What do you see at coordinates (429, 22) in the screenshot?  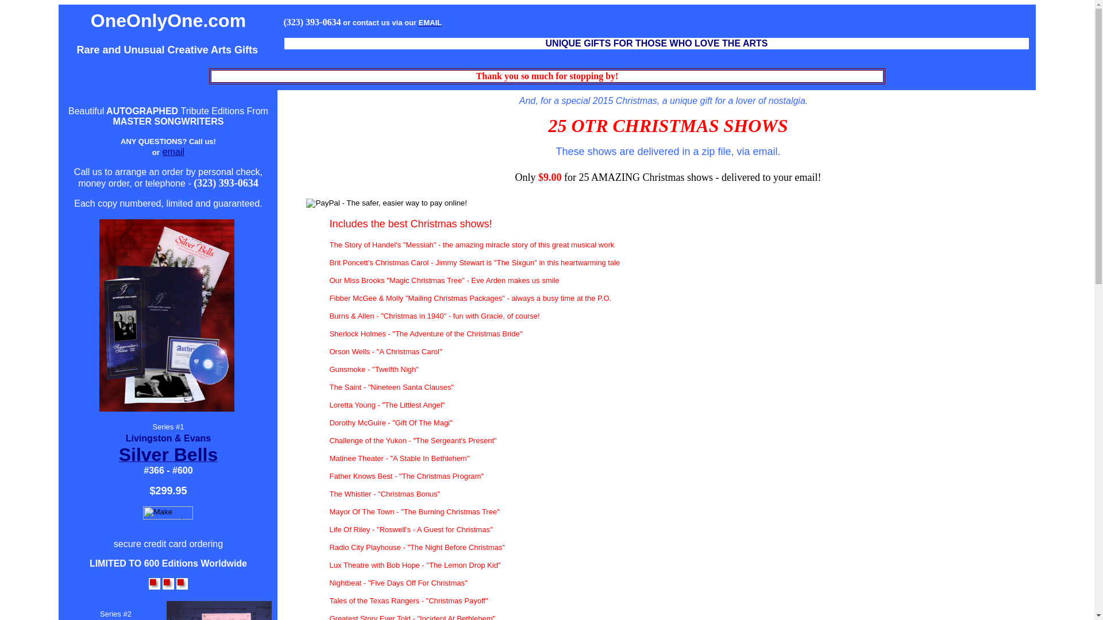 I see `'EMAIL'` at bounding box center [429, 22].